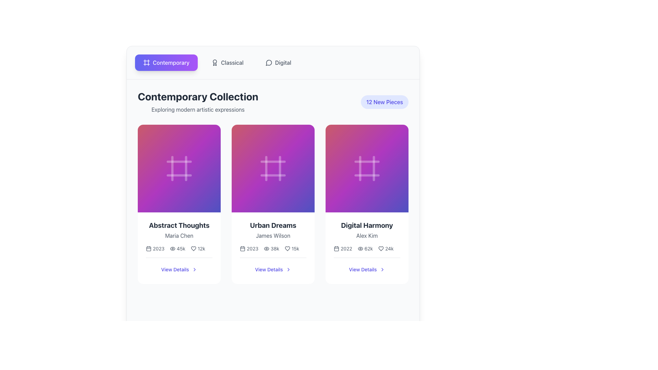 This screenshot has height=370, width=658. What do you see at coordinates (269, 248) in the screenshot?
I see `displayed information from the second metadata row located below the title 'Urban Dreams' in the center panel of the three-panel layout` at bounding box center [269, 248].